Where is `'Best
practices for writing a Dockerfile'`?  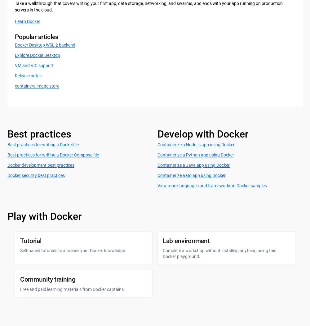
'Best
practices for writing a Dockerfile' is located at coordinates (7, 144).